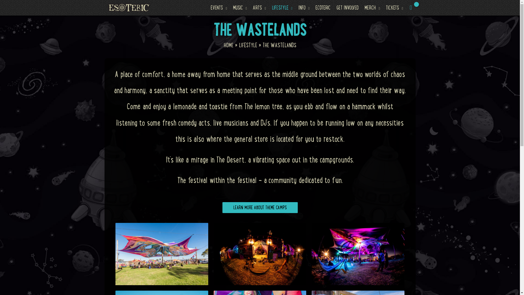 The height and width of the screenshot is (295, 524). I want to click on 'GET INVOLVED', so click(347, 7).